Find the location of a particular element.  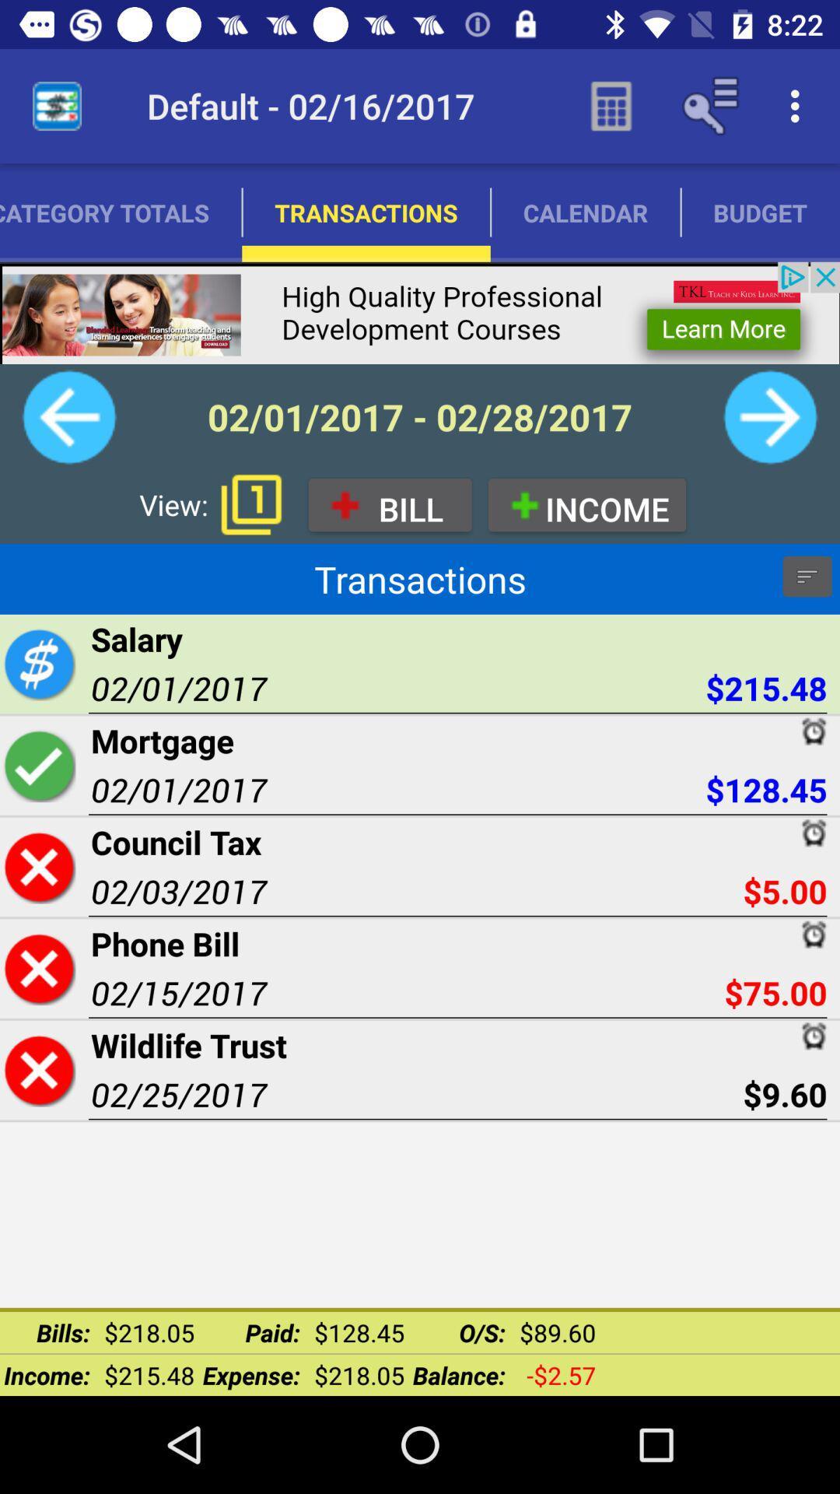

next ddate is located at coordinates (770, 417).